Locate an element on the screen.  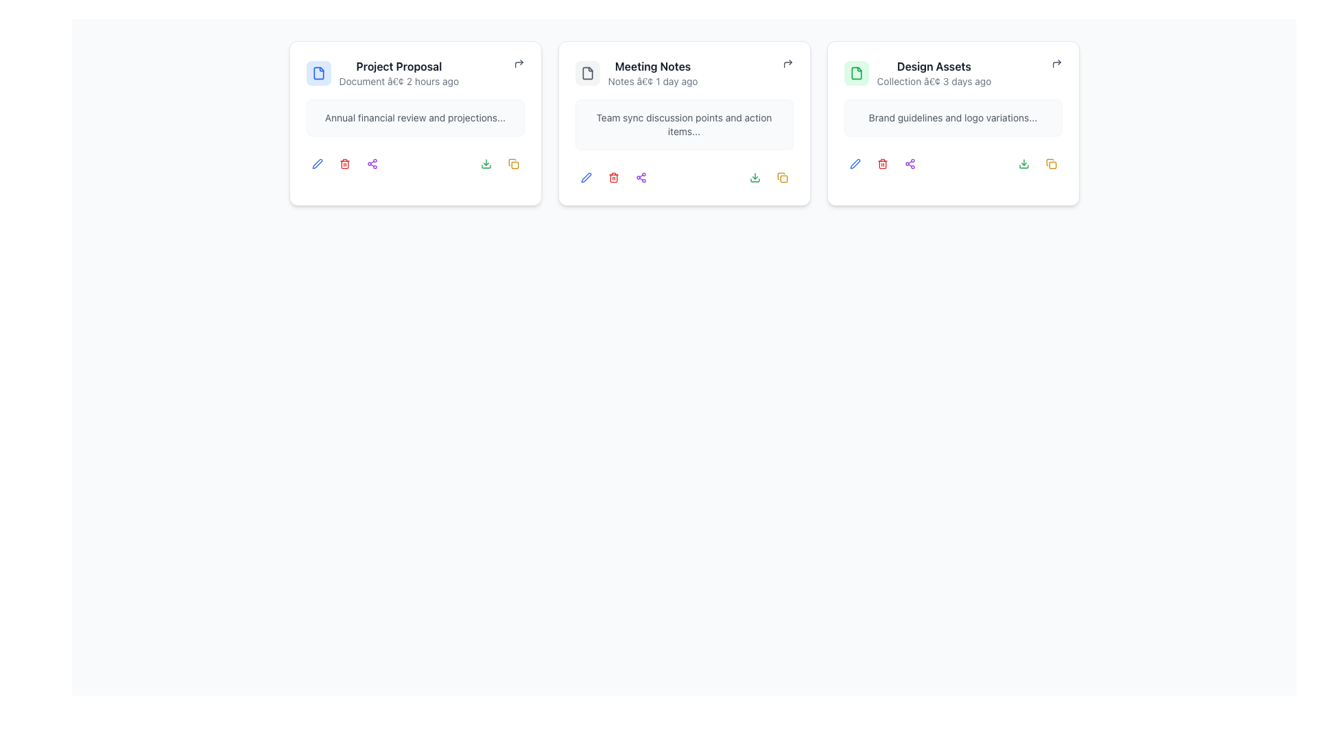
the download icon located at the bottom-right of the 'Design Assets' card in the third column to trigger tooltip or highlight effects is located at coordinates (1023, 163).